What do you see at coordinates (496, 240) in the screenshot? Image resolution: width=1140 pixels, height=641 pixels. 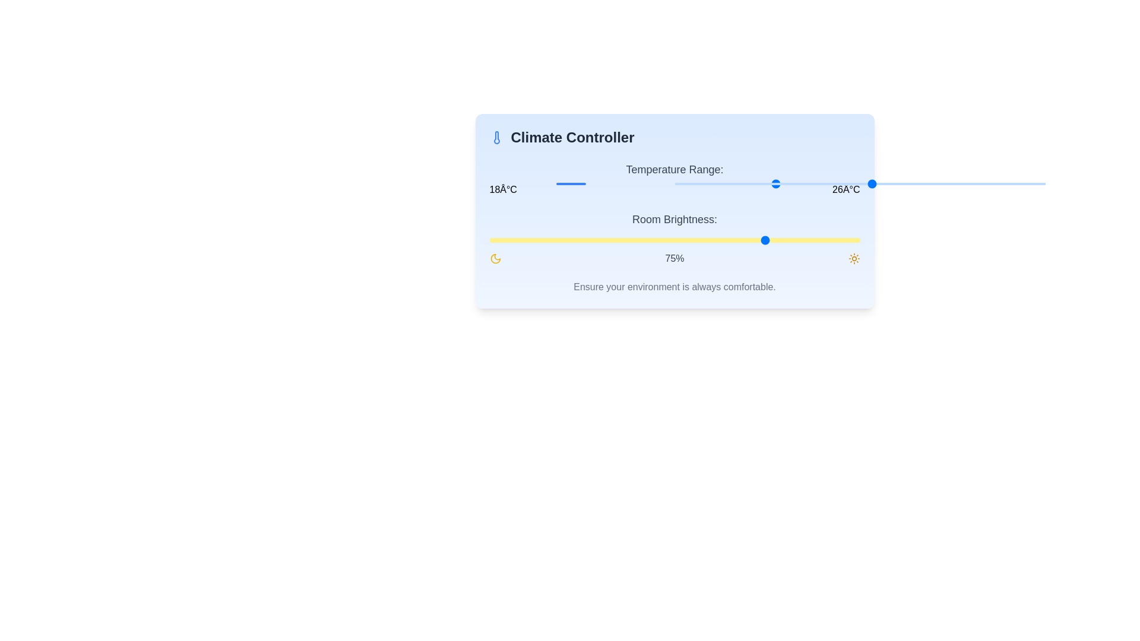 I see `the room brightness` at bounding box center [496, 240].